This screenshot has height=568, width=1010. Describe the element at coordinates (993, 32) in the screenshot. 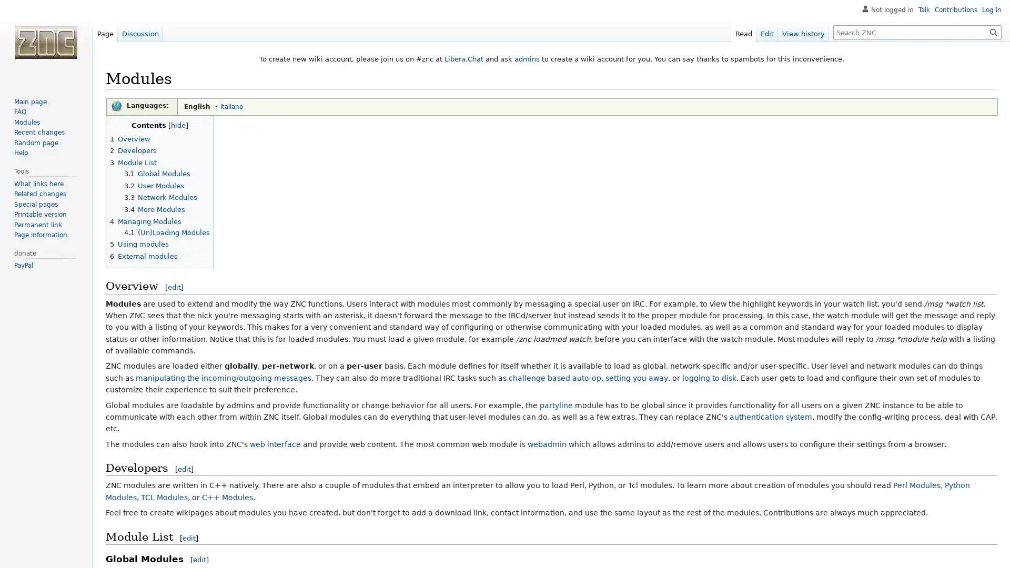

I see `Search` at that location.